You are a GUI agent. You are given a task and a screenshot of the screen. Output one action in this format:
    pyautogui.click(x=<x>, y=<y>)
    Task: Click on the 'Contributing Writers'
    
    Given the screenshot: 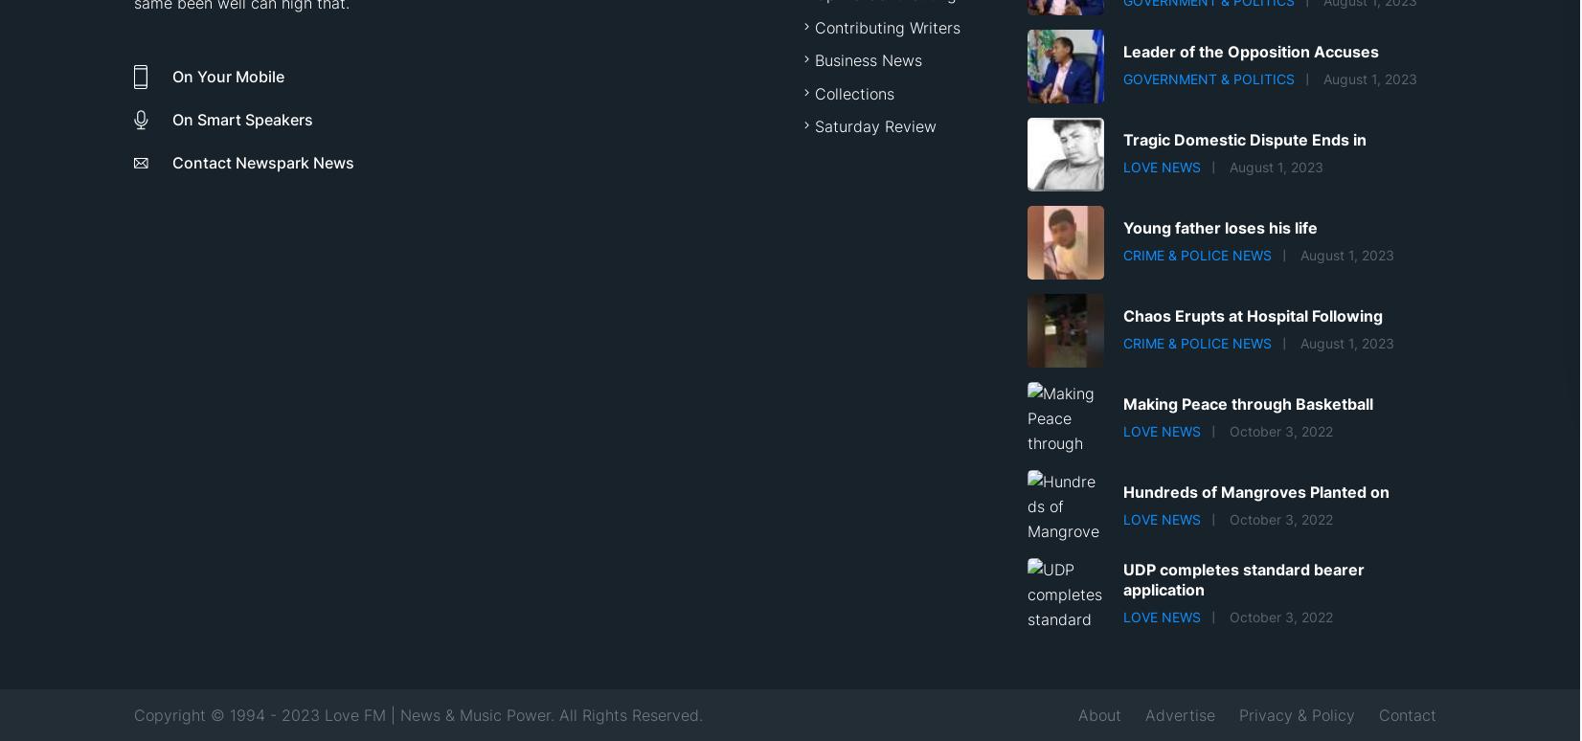 What is the action you would take?
    pyautogui.click(x=886, y=27)
    